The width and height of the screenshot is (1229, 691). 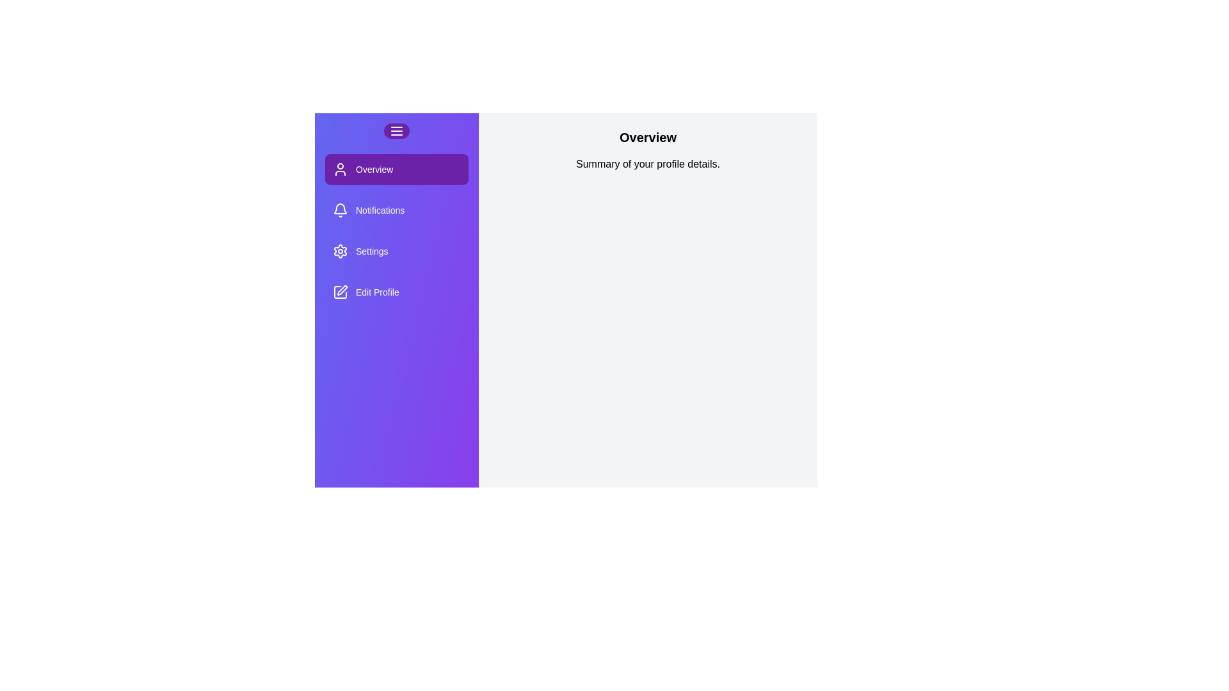 What do you see at coordinates (341, 209) in the screenshot?
I see `the icon of the section Notifications` at bounding box center [341, 209].